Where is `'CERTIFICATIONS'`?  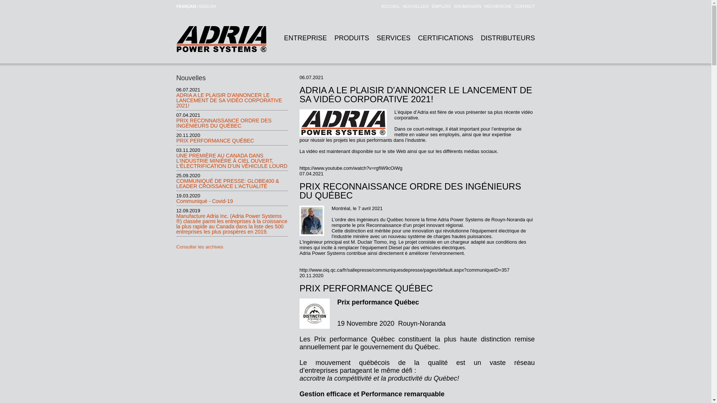 'CERTIFICATIONS' is located at coordinates (446, 38).